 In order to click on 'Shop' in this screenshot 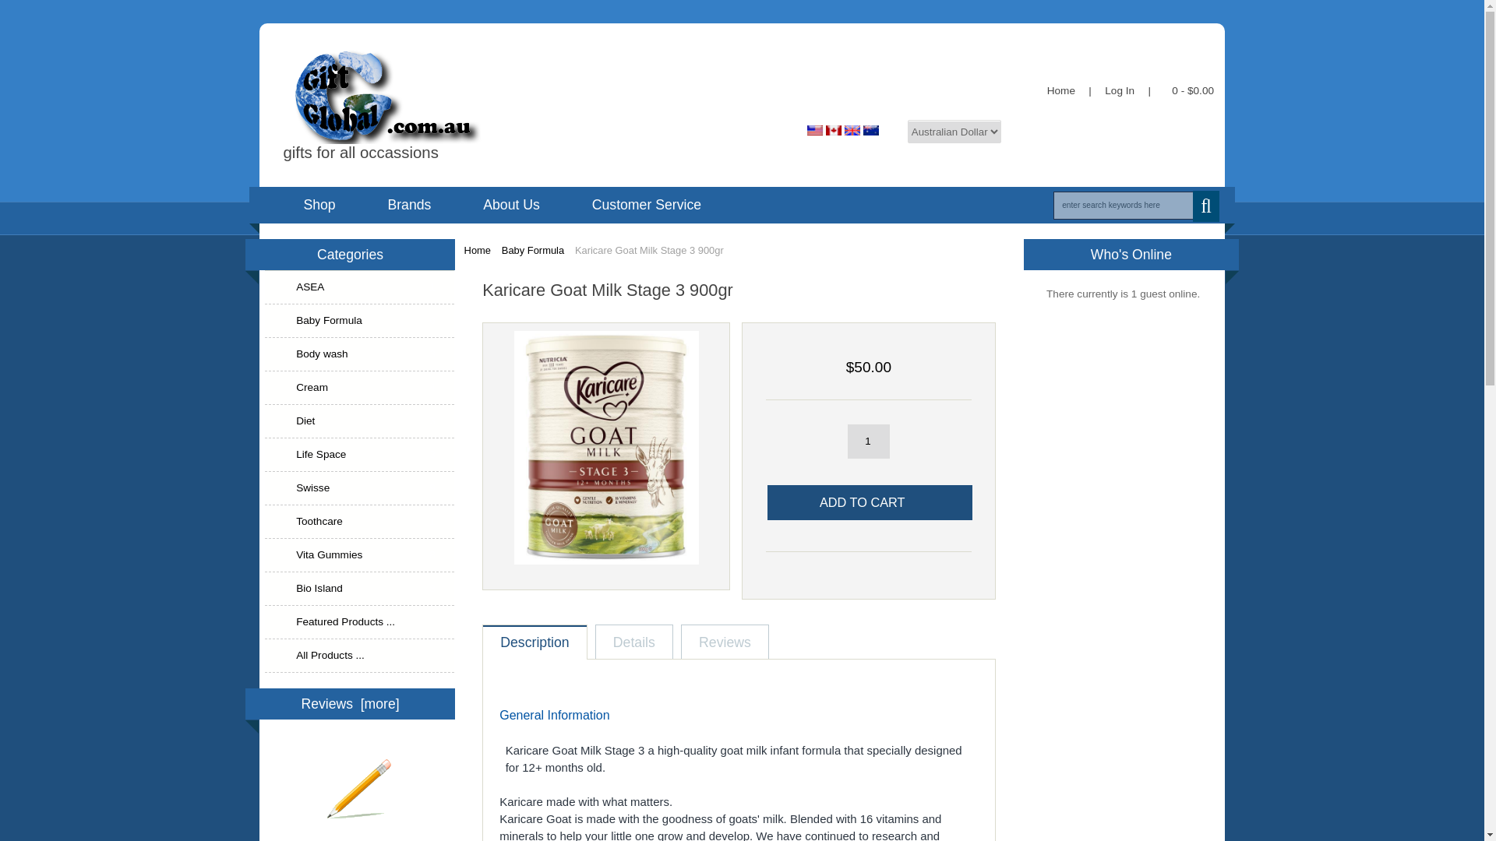, I will do `click(277, 203)`.